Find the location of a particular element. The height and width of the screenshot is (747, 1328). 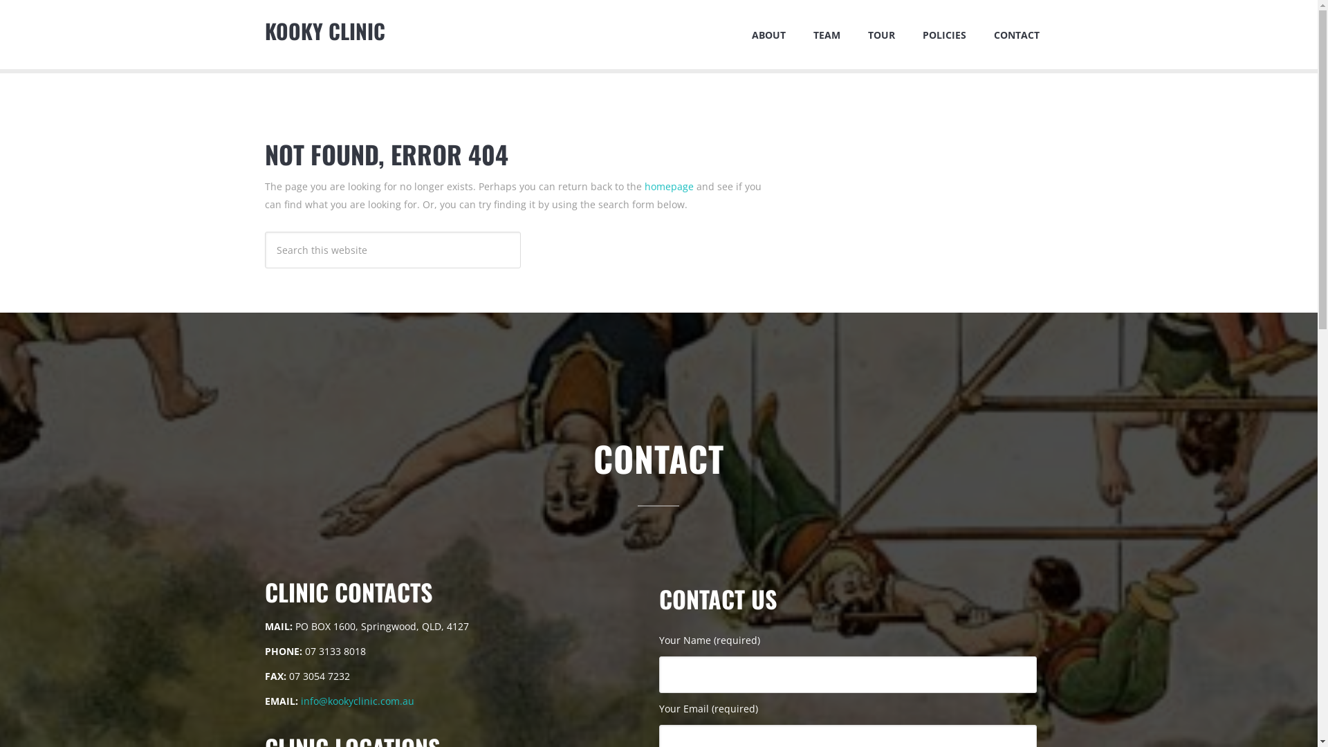

'Search' is located at coordinates (519, 230).